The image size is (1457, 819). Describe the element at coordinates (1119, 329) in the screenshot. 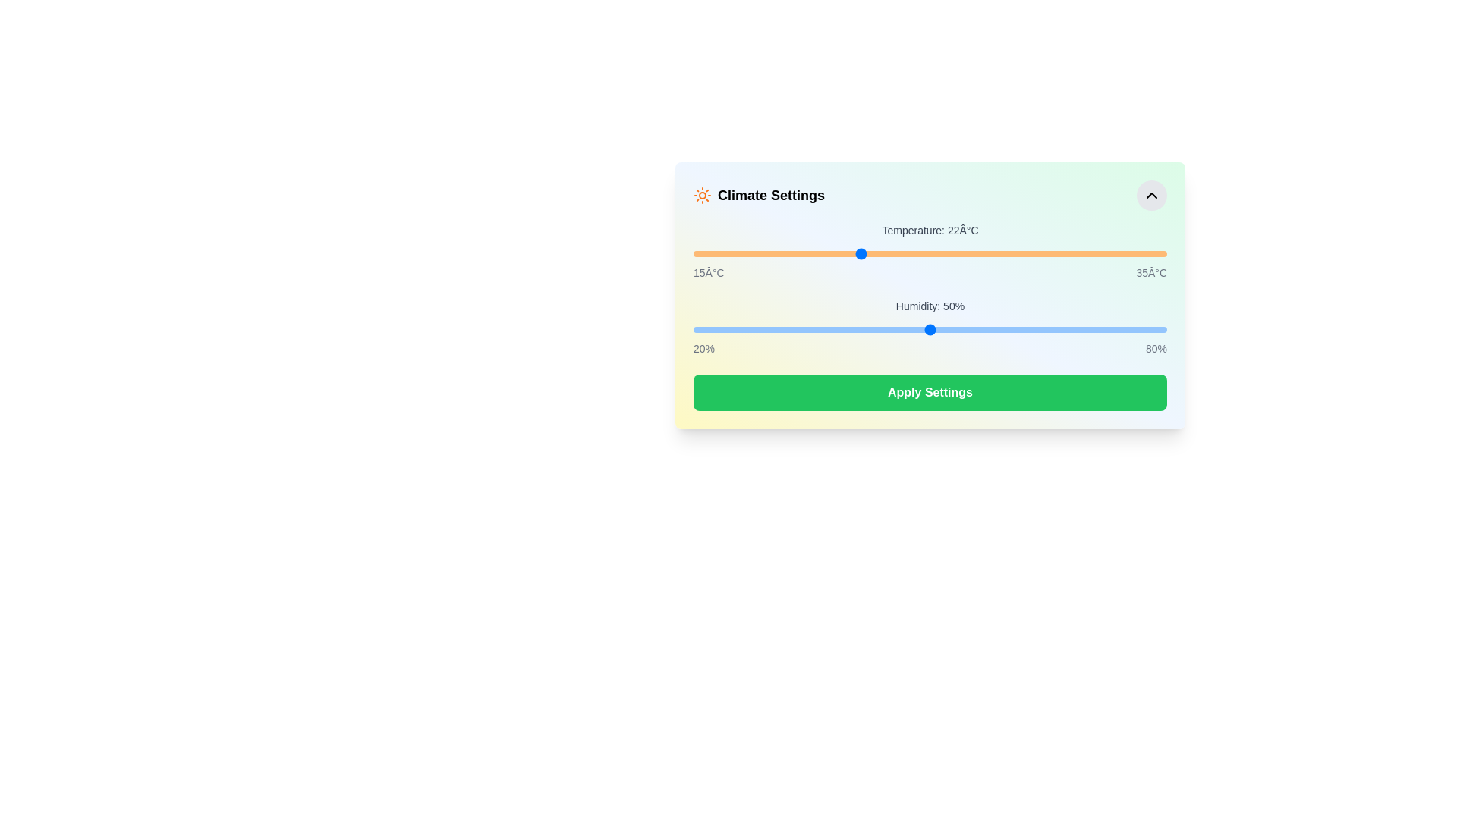

I see `humidity` at that location.